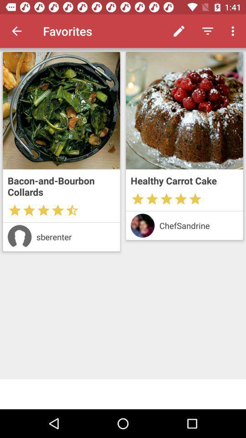 The width and height of the screenshot is (246, 438). What do you see at coordinates (61, 186) in the screenshot?
I see `the bacon and bourbon item` at bounding box center [61, 186].